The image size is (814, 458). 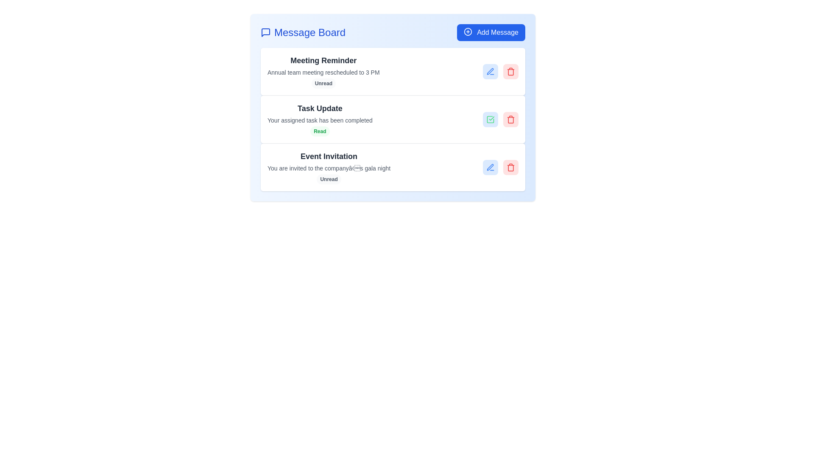 What do you see at coordinates (490, 167) in the screenshot?
I see `the blue pen-line icon embedded within the button in the 'Event Invitation' row to initiate editing` at bounding box center [490, 167].